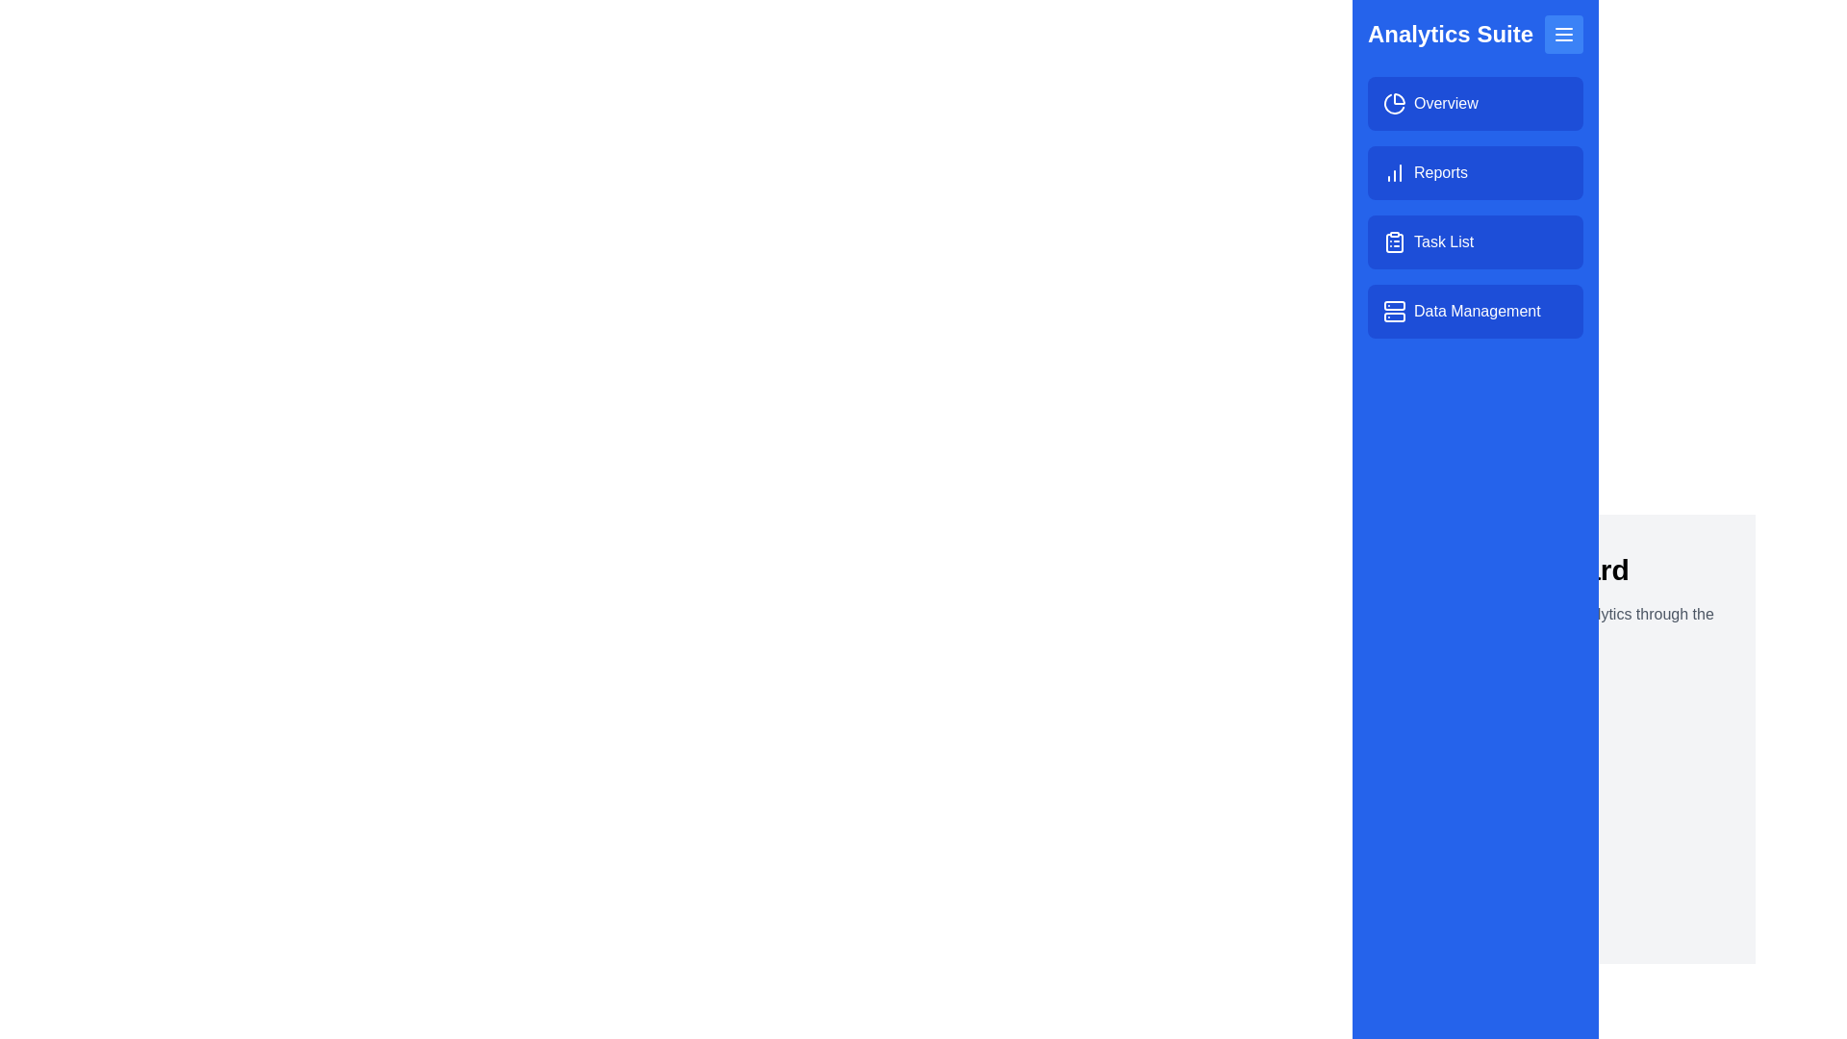  I want to click on the text element Access and manage your analytics through the menu. for interaction, so click(1554, 626).